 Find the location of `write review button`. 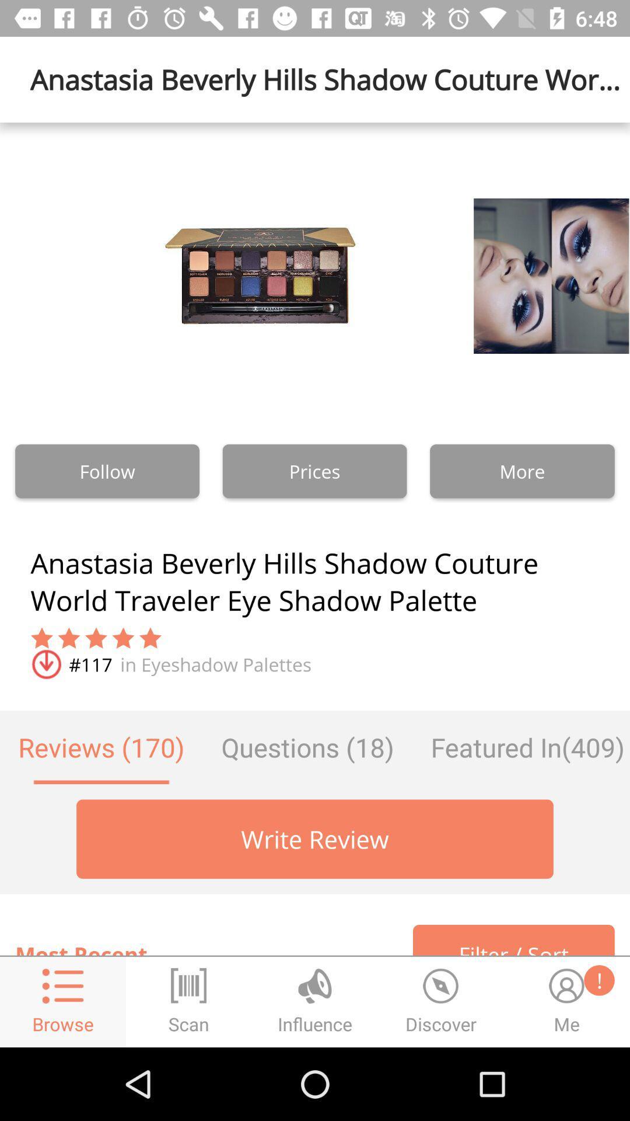

write review button is located at coordinates (315, 838).